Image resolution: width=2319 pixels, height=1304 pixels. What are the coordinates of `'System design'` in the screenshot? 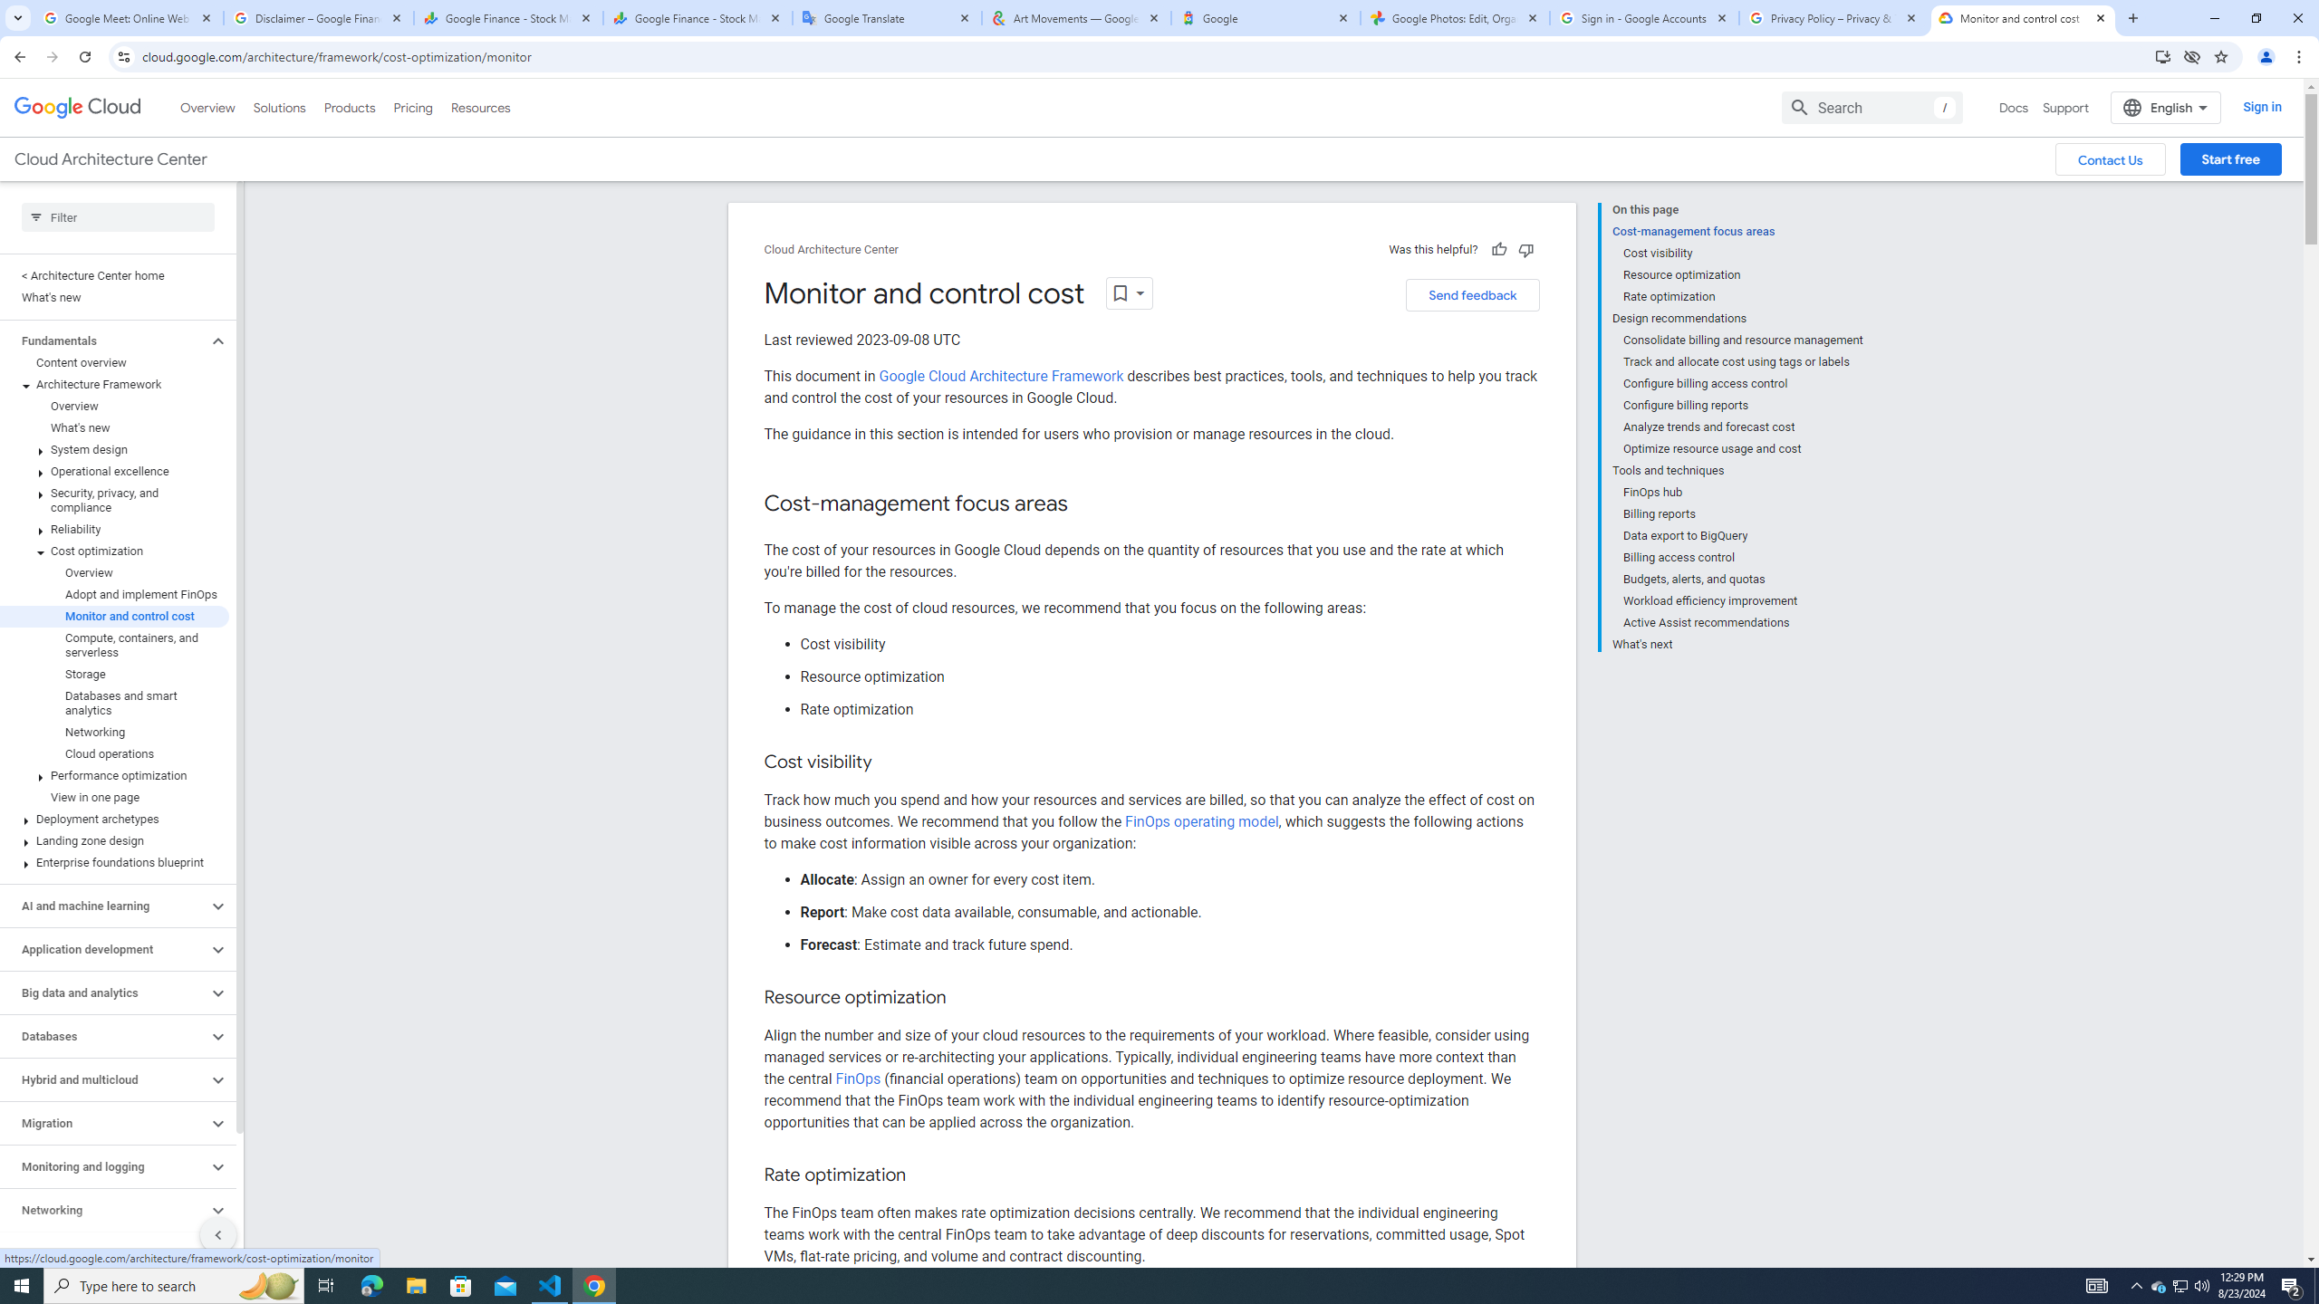 It's located at (114, 448).